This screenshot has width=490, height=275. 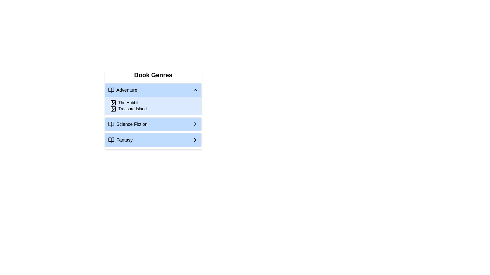 I want to click on the icon representing a book opened in the middle, located to the left of the header text in the 'Fantasy' row of the 'Book Genres' interface, so click(x=111, y=140).